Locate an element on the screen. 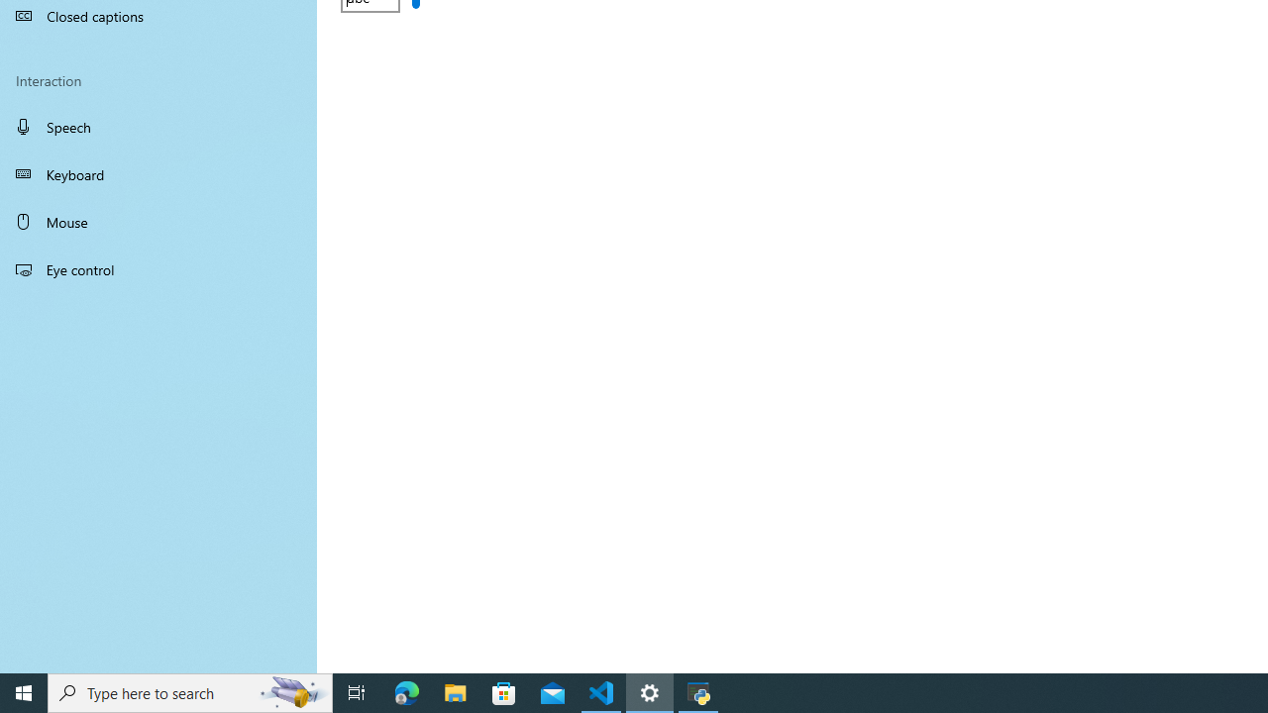 This screenshot has width=1268, height=713. 'Search highlights icon opens search home window' is located at coordinates (291, 691).